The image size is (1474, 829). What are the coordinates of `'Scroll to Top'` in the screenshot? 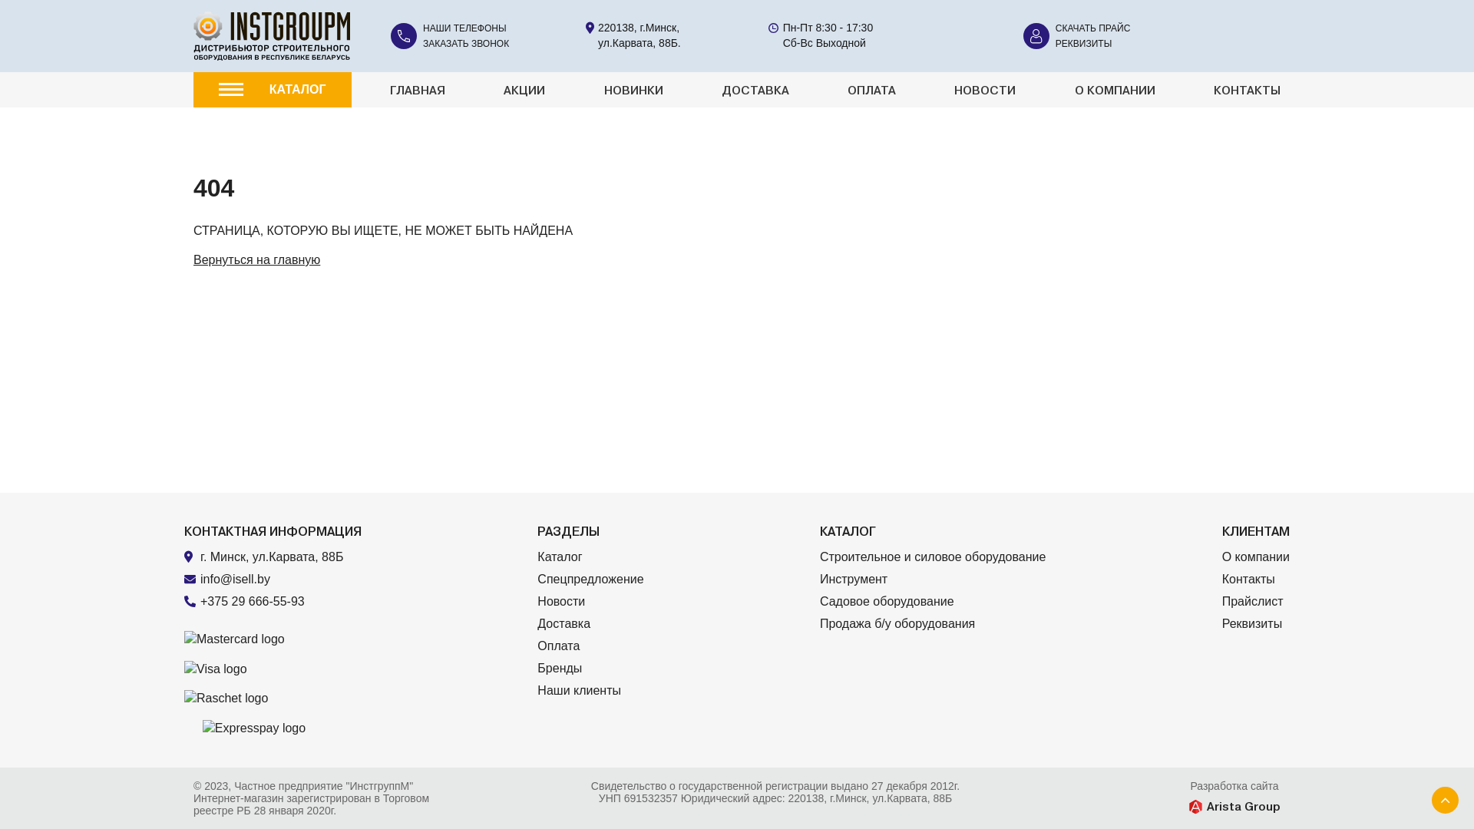 It's located at (1444, 799).